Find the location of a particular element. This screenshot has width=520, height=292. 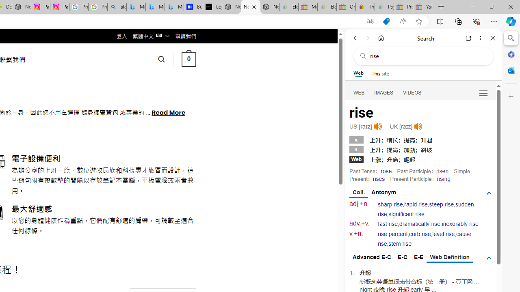

'Click to listen' is located at coordinates (418, 127).